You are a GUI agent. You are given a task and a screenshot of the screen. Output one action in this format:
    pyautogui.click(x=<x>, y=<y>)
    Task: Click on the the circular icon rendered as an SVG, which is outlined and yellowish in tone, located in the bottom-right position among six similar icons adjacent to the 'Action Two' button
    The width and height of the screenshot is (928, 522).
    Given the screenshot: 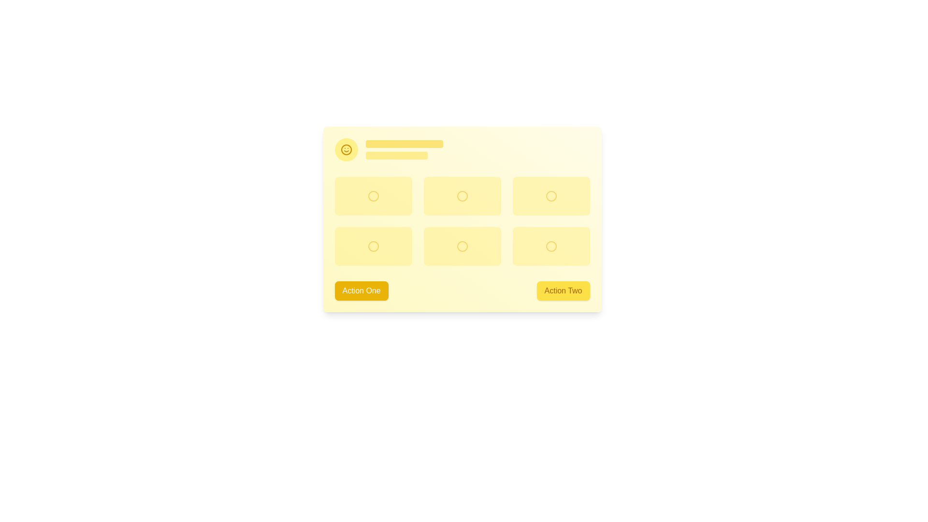 What is the action you would take?
    pyautogui.click(x=551, y=246)
    